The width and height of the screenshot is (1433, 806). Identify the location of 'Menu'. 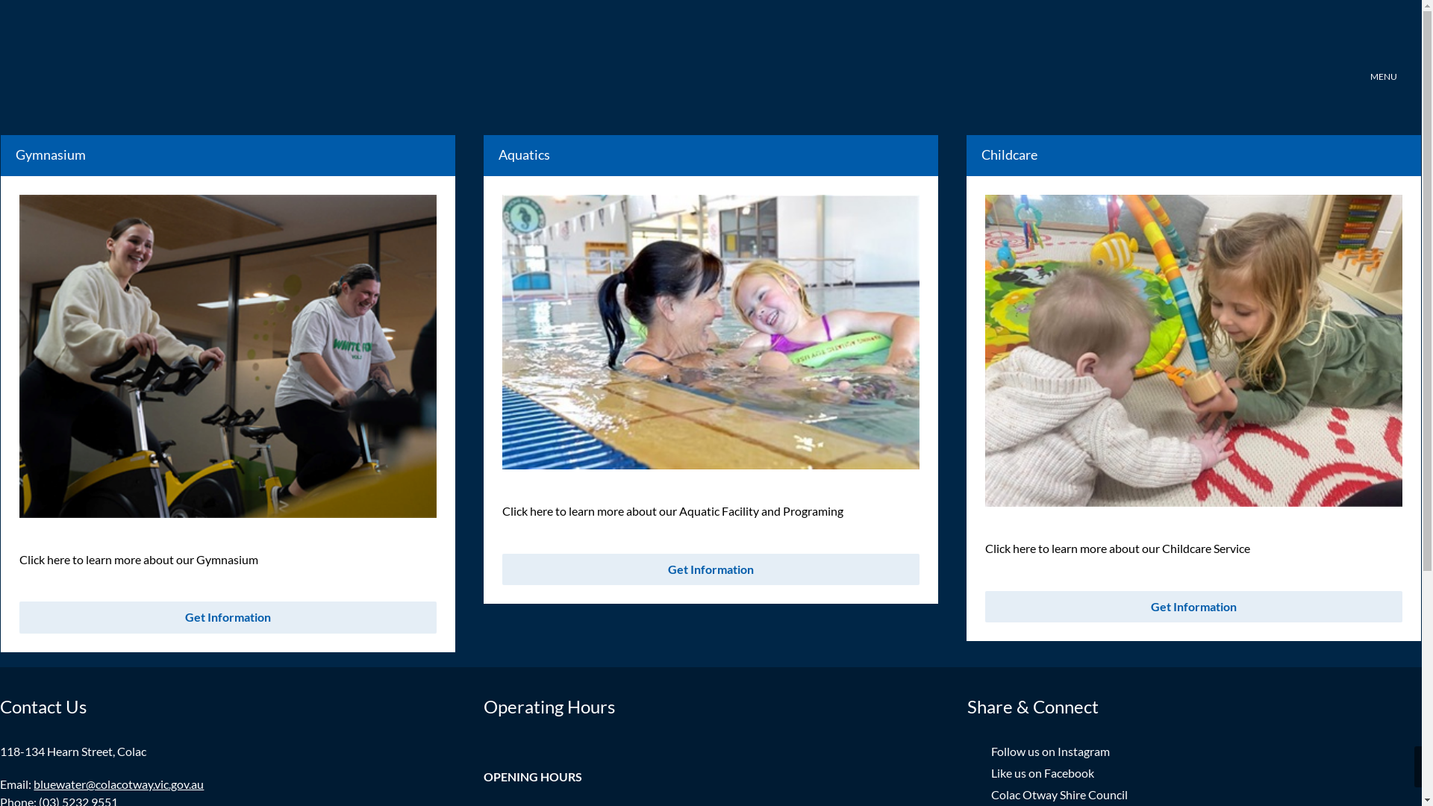
(1382, 57).